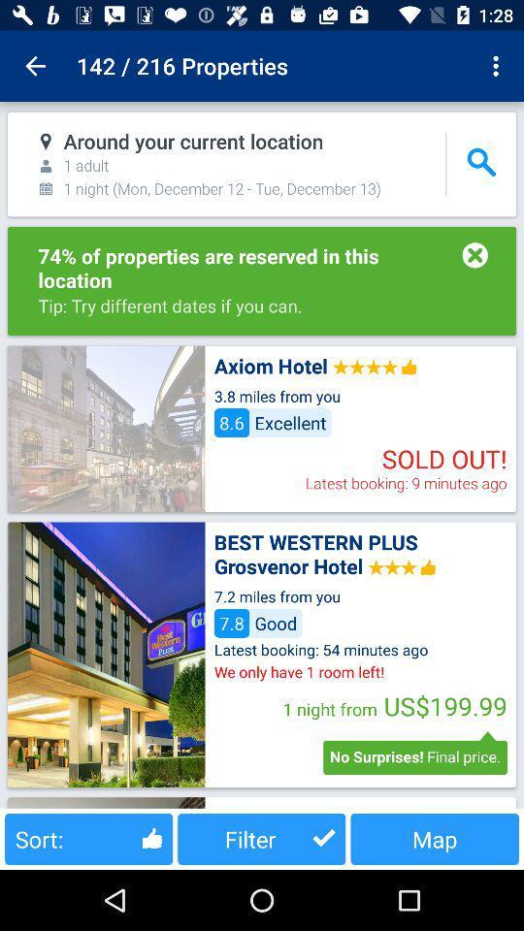 The image size is (524, 931). What do you see at coordinates (35, 66) in the screenshot?
I see `item to the left of 142 / 216 properties app` at bounding box center [35, 66].